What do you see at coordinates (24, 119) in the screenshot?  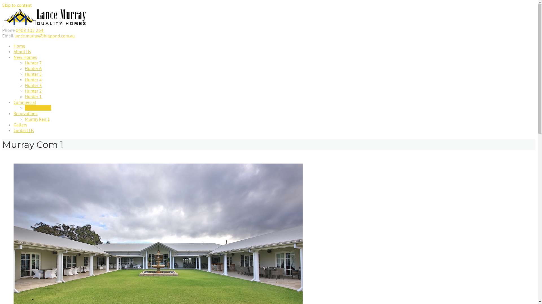 I see `'Murray Ren 1'` at bounding box center [24, 119].